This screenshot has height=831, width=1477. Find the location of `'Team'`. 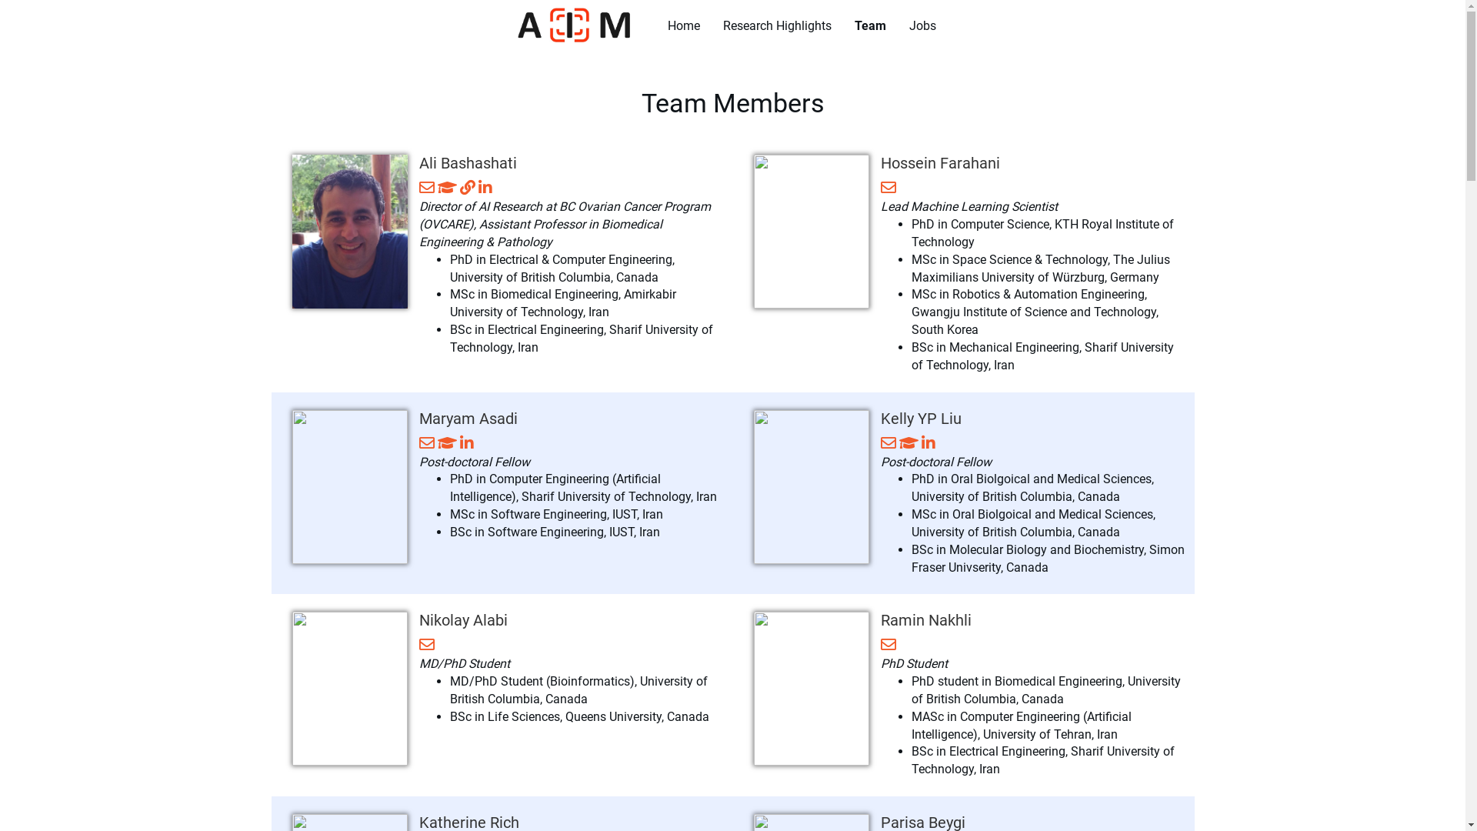

'Team' is located at coordinates (870, 26).